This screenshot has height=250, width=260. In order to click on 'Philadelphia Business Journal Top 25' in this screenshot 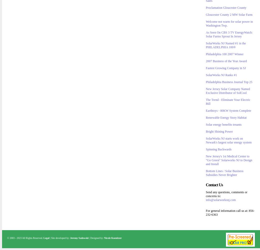, I will do `click(229, 82)`.